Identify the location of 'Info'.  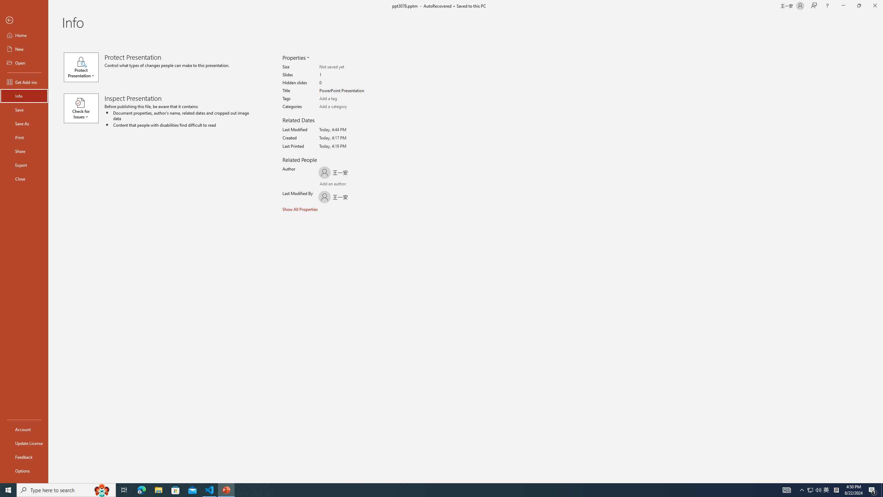
(24, 95).